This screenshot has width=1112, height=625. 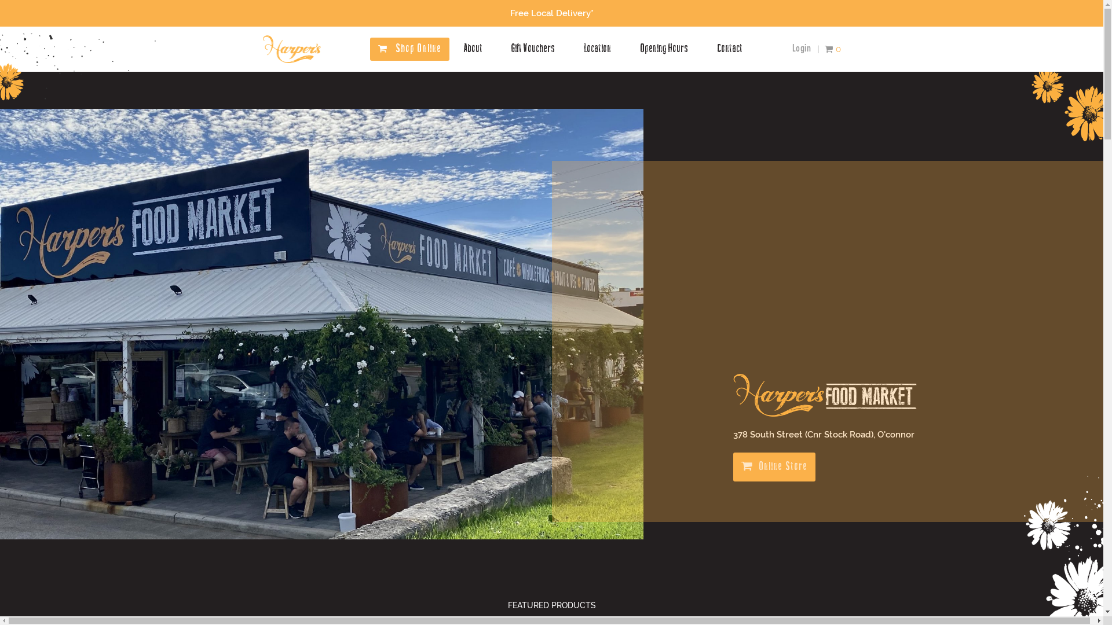 What do you see at coordinates (716, 48) in the screenshot?
I see `'Contact'` at bounding box center [716, 48].